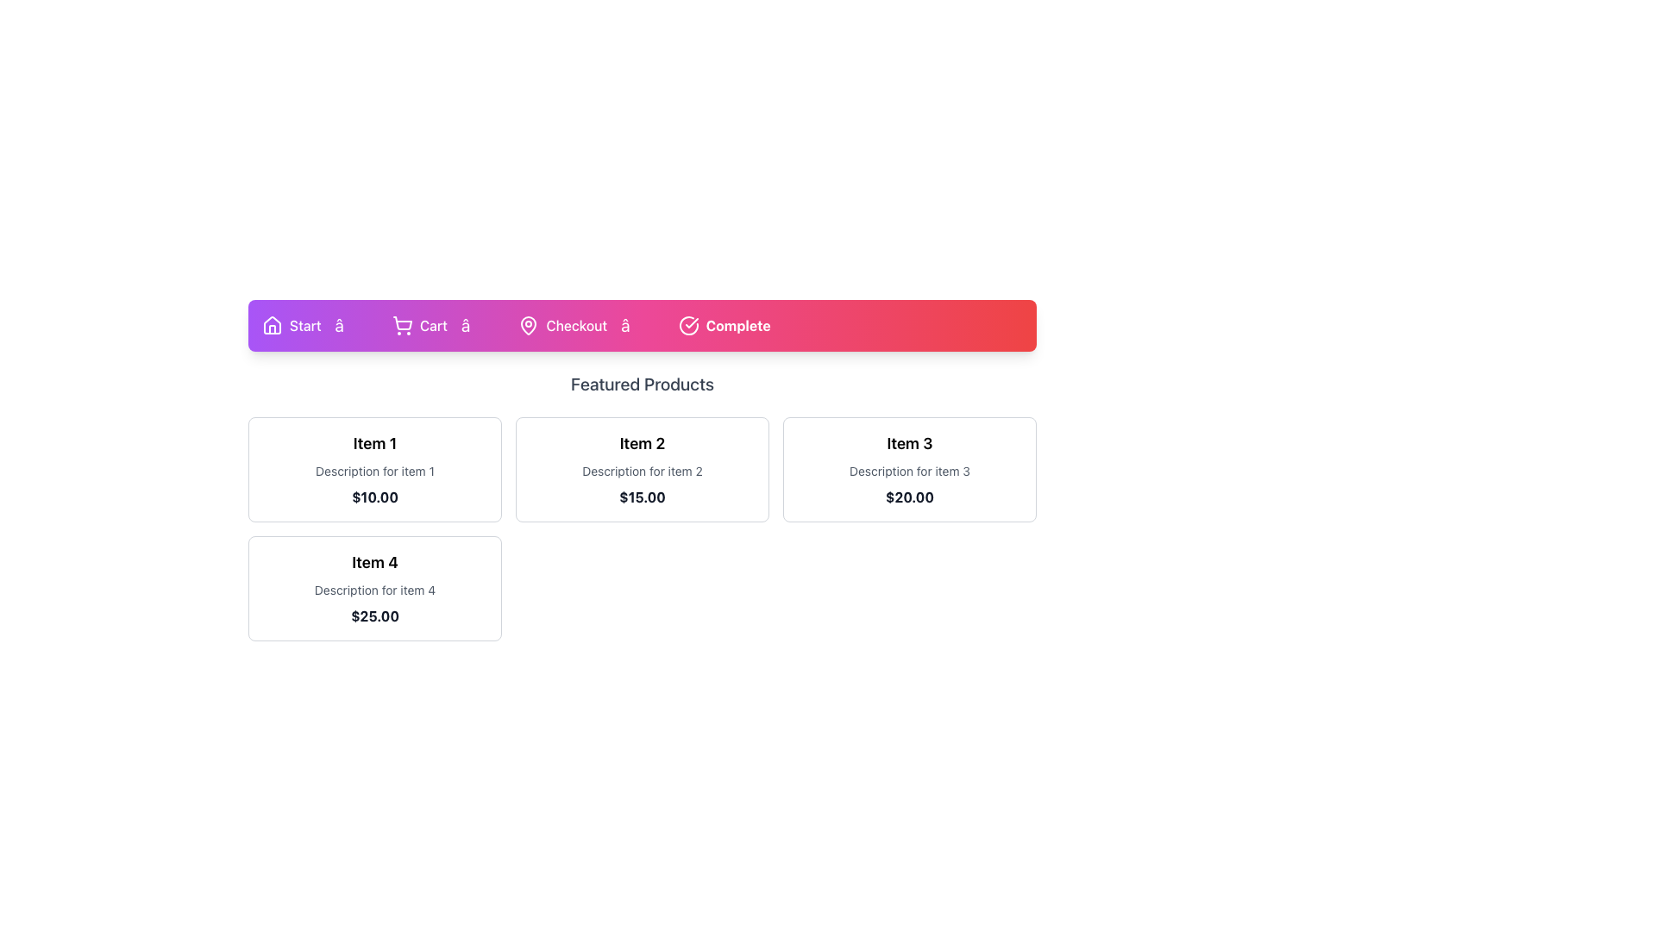 The width and height of the screenshot is (1656, 931). I want to click on the Navigation Link with Icon, which serves as the identifier for the current navigation step and directs users to the cart page or displays cart-related information, so click(419, 326).